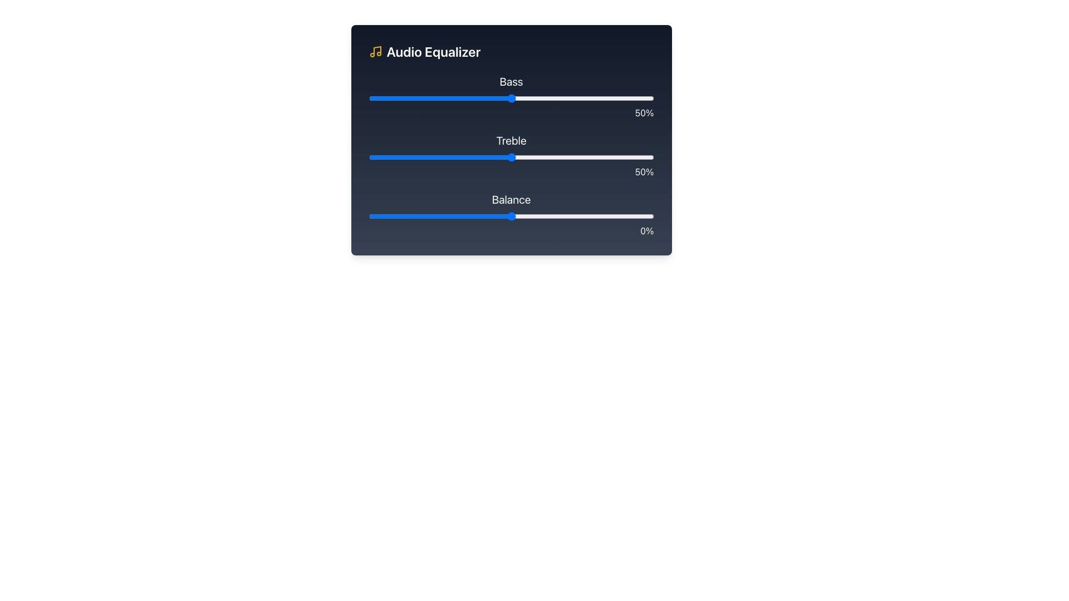 Image resolution: width=1069 pixels, height=601 pixels. I want to click on the Bass level, so click(405, 98).